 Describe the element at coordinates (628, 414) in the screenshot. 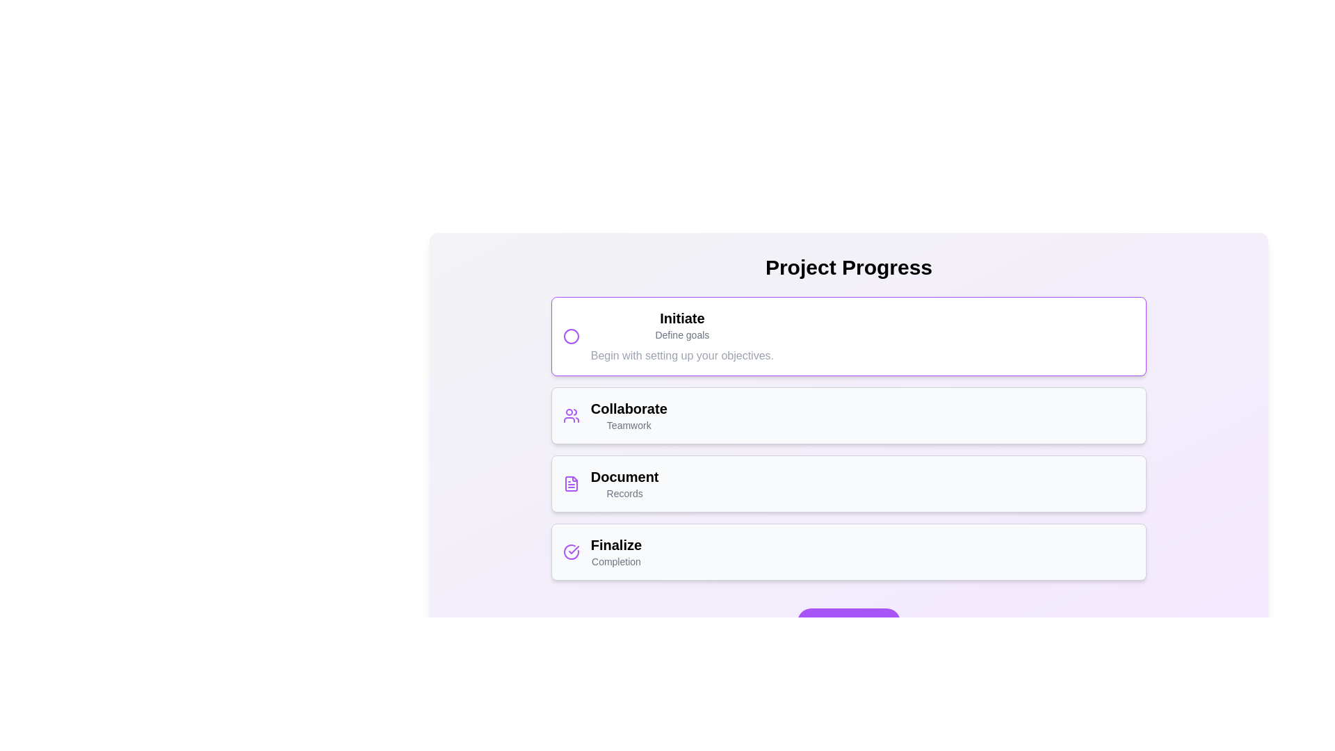

I see `text from the text-based label that says 'Collaborate' and 'Teamwork', which is the second card in a vertical sequence of cards displayed in the center of the interface` at that location.